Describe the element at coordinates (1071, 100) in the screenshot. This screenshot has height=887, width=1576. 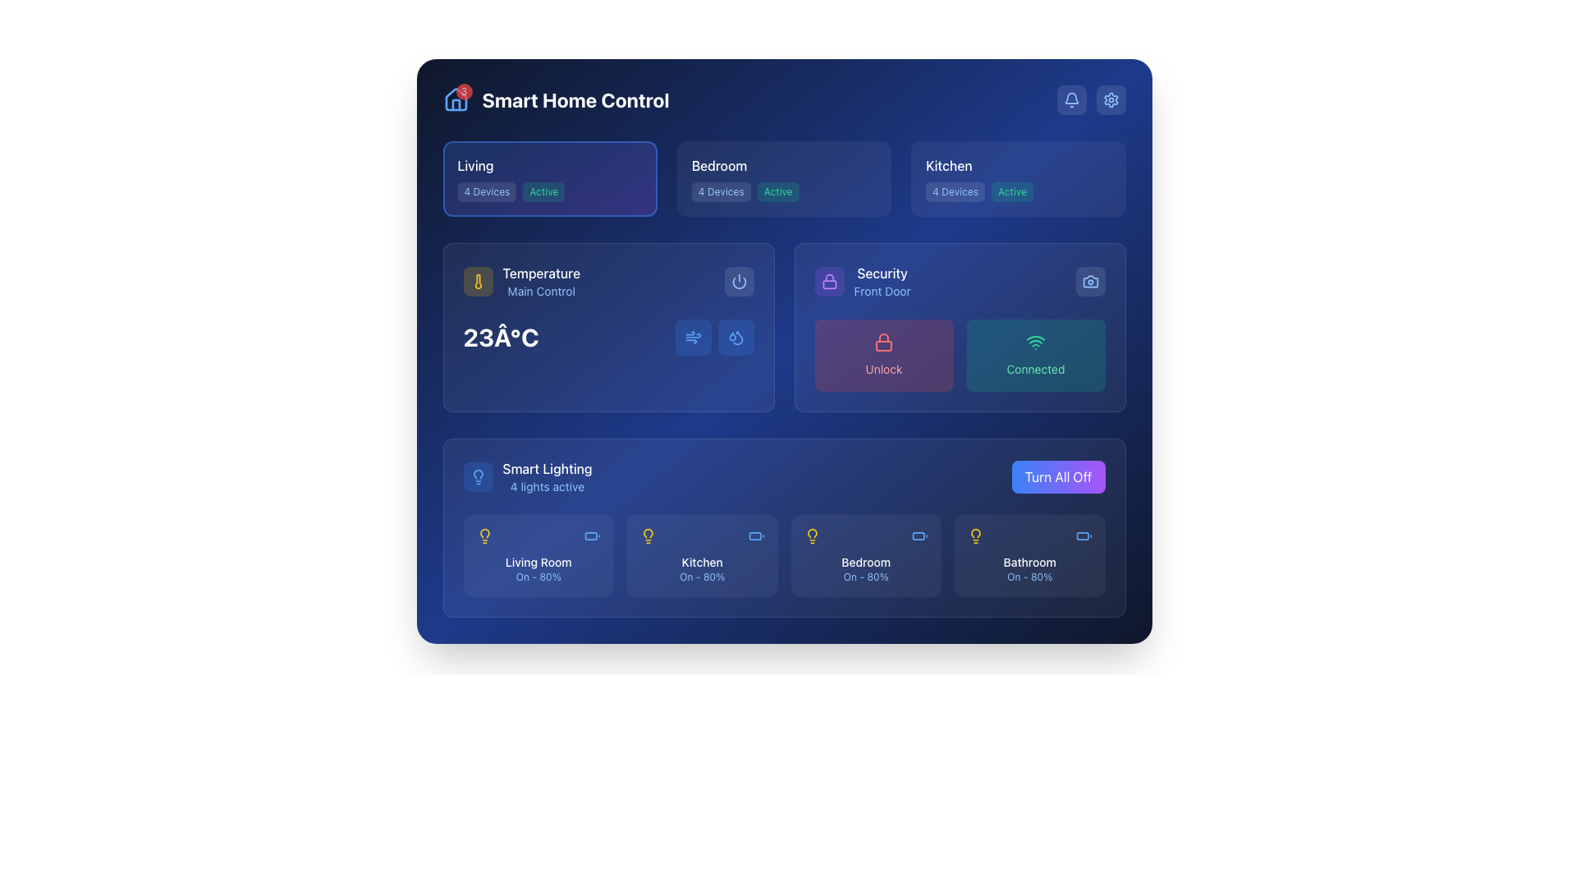
I see `the notification bell icon located in the top right corner of the user interface` at that location.